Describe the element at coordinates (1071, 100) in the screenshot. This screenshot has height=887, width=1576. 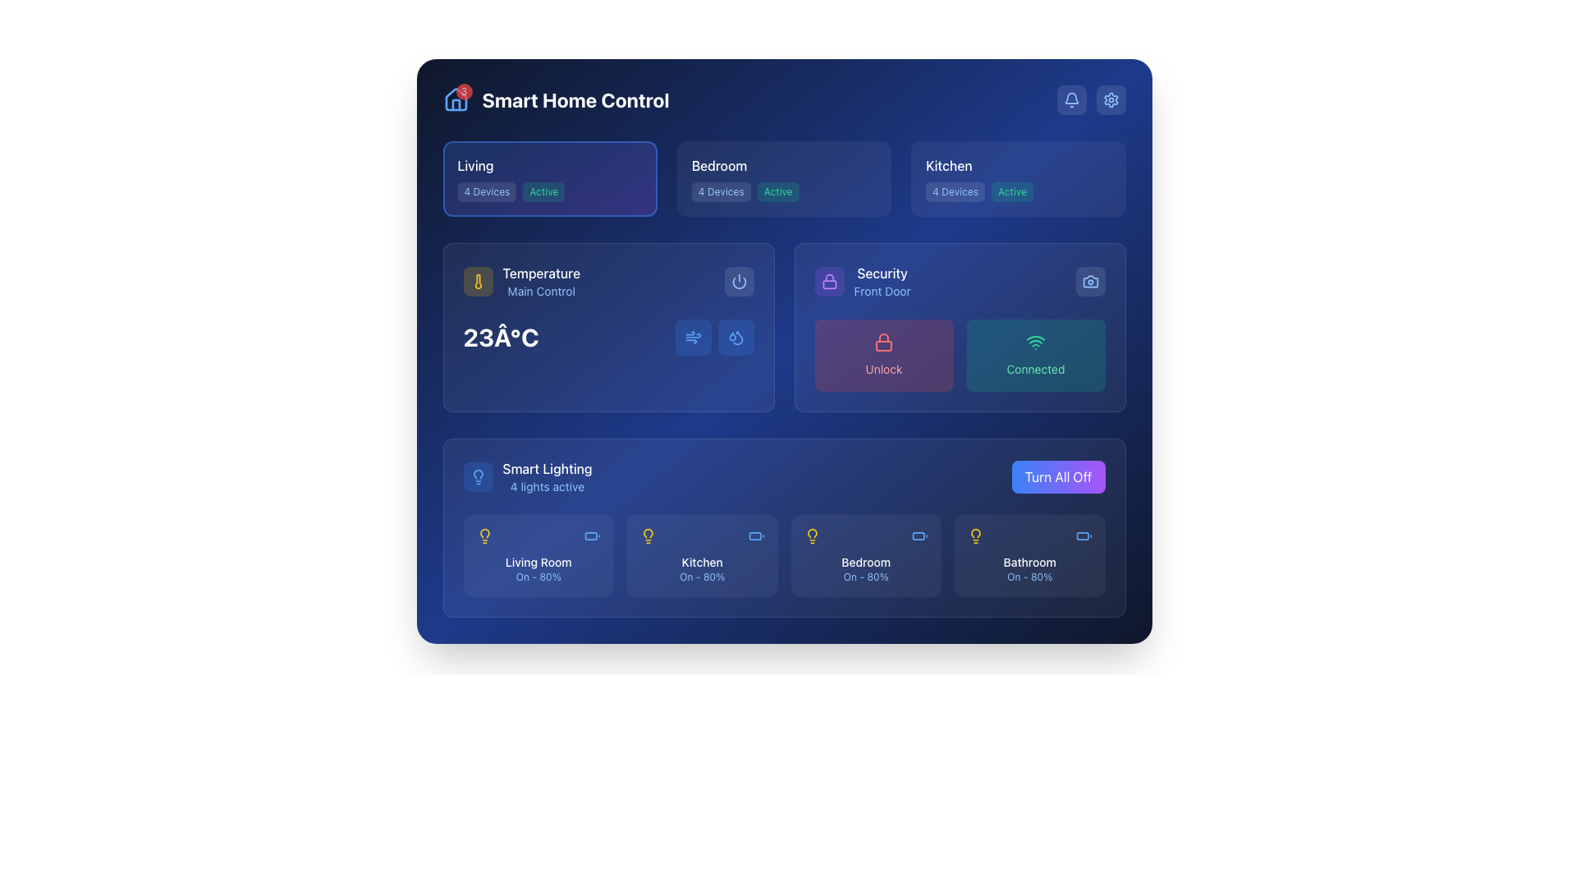
I see `the notification bell icon located in the top right corner of the user interface` at that location.